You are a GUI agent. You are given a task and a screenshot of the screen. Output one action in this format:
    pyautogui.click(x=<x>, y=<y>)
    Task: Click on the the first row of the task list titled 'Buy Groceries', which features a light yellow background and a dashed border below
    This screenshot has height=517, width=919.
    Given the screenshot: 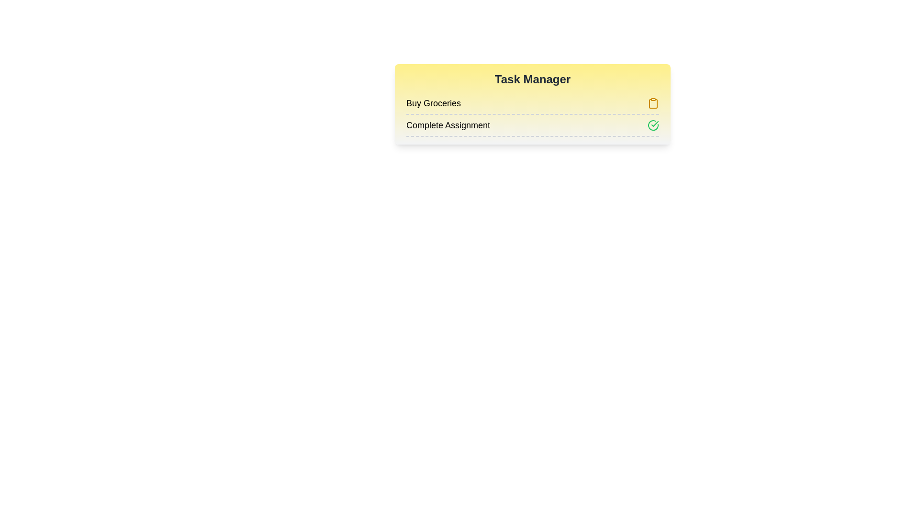 What is the action you would take?
    pyautogui.click(x=532, y=103)
    